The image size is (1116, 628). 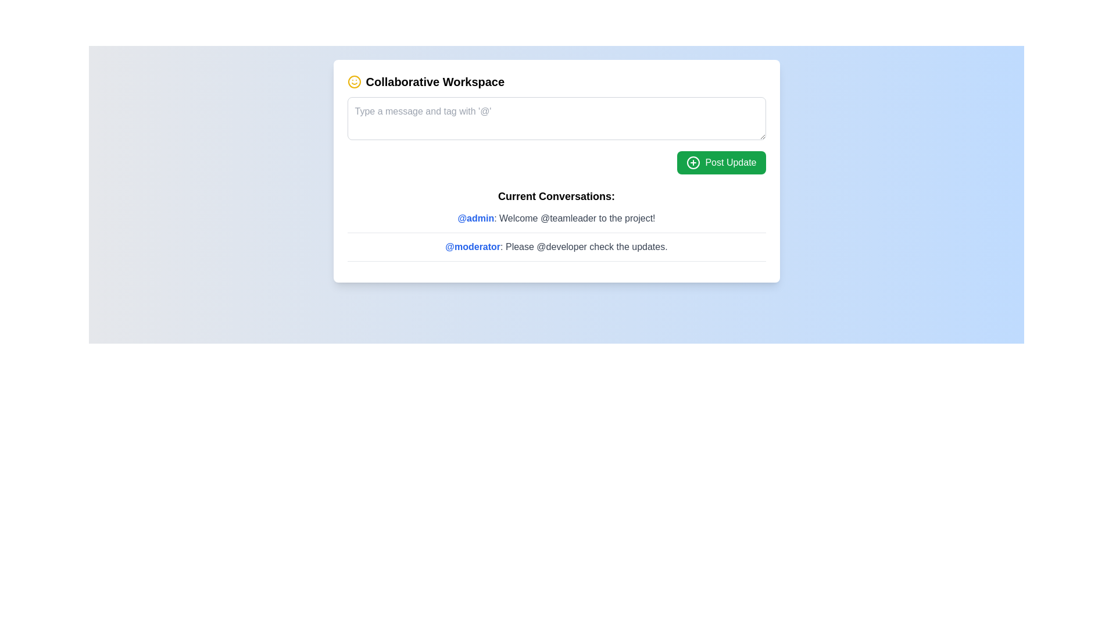 What do you see at coordinates (353, 81) in the screenshot?
I see `the decorative icon located to the left of the 'Collaborative Workspace' title to enhance the visual experience` at bounding box center [353, 81].